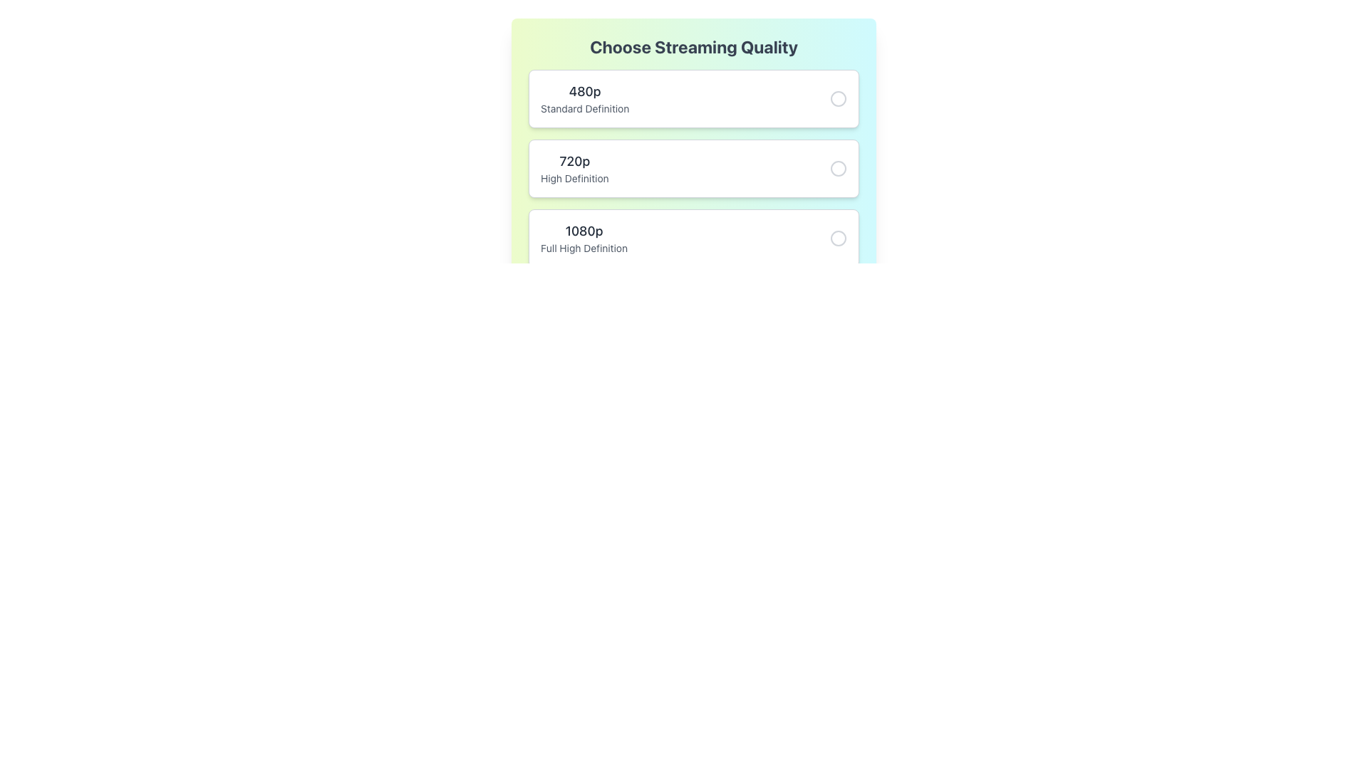 The width and height of the screenshot is (1368, 769). I want to click on text displayed in bold, large font at the top of the section that says 'Choose Streaming Quality', so click(694, 46).